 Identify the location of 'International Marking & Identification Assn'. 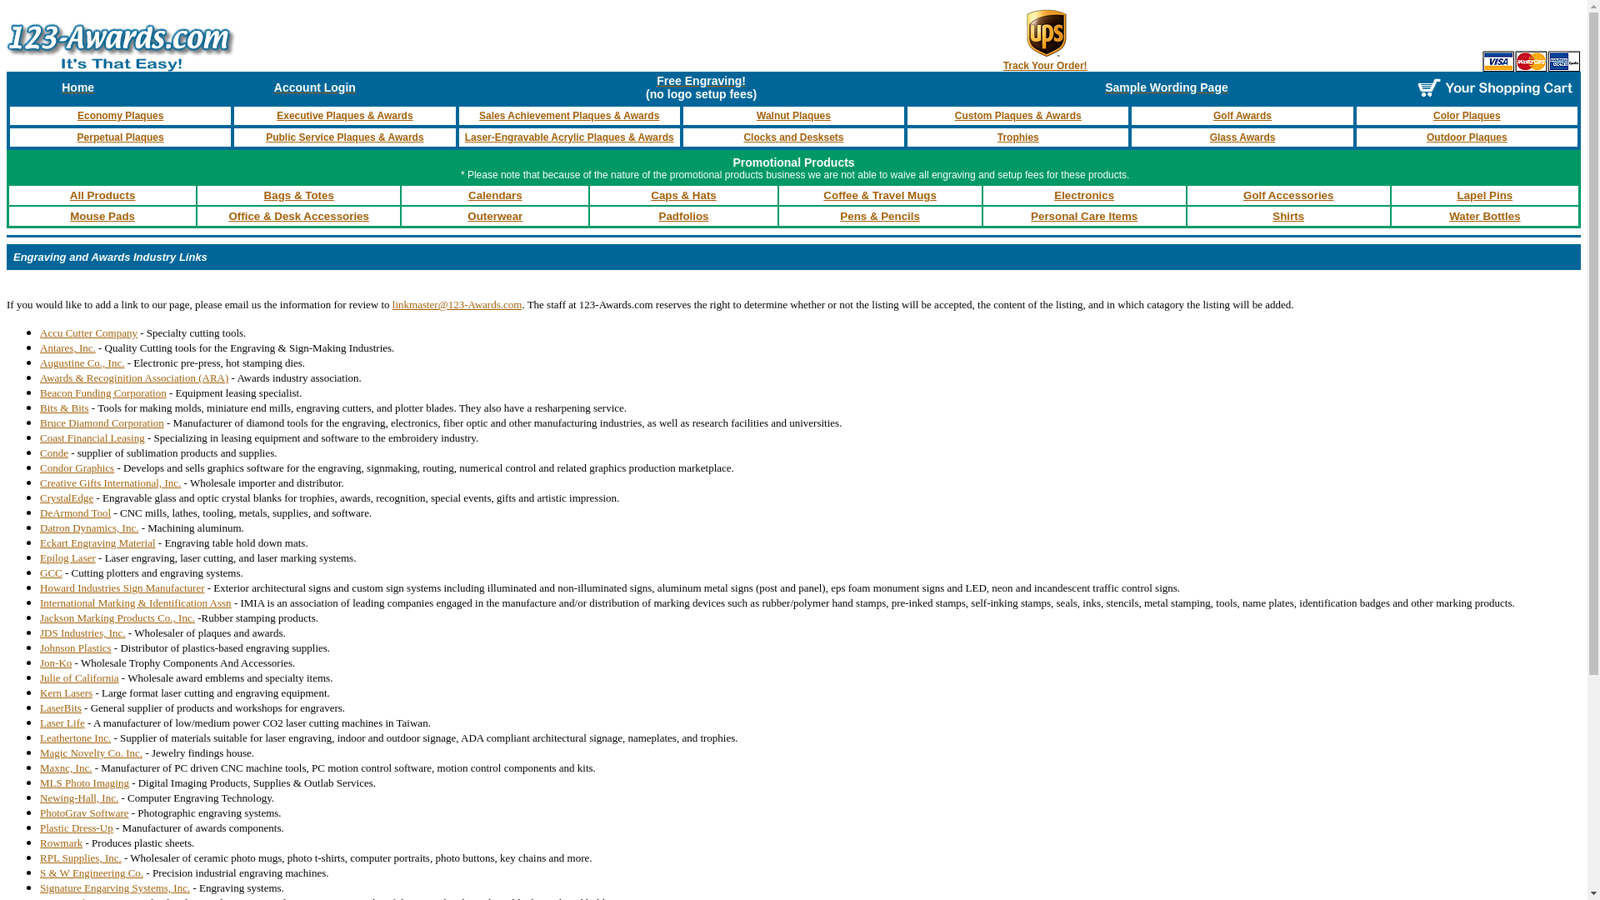
(40, 602).